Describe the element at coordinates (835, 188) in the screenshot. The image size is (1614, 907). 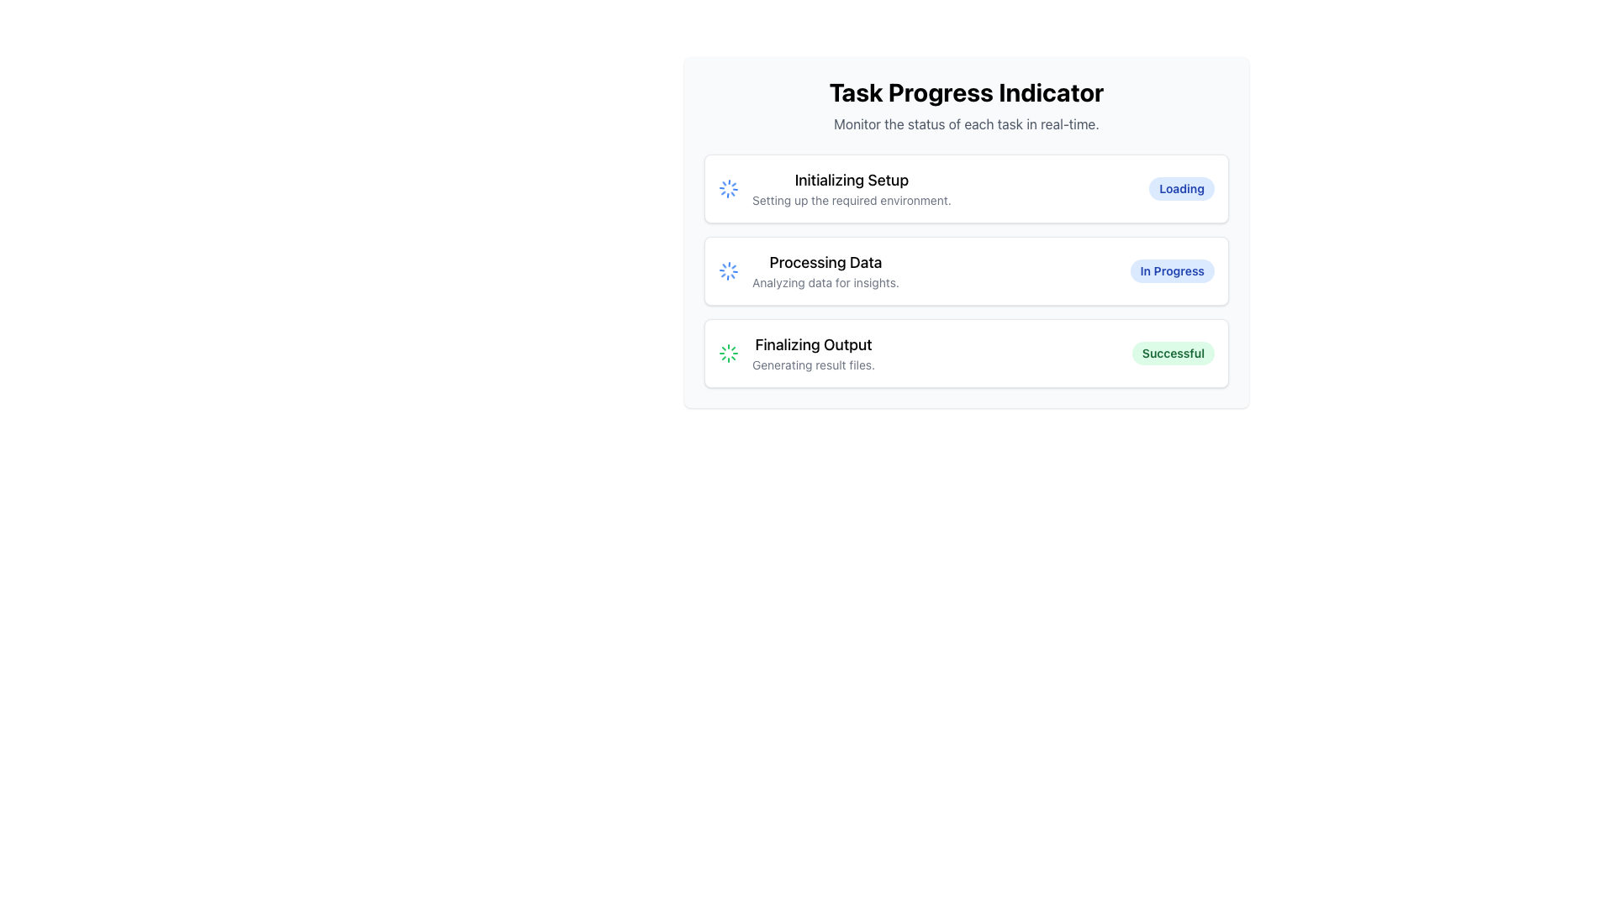
I see `the Status indicator displaying 'Initializing Setup' with a spinning blue animation` at that location.